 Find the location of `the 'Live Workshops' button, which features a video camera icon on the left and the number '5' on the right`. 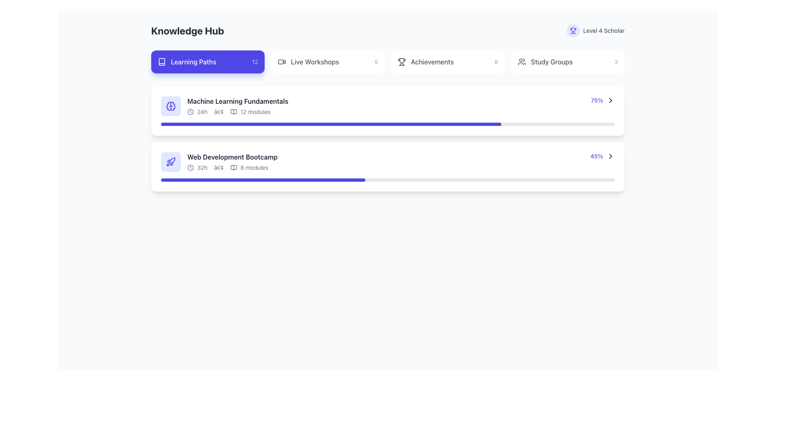

the 'Live Workshops' button, which features a video camera icon on the left and the number '5' on the right is located at coordinates (327, 61).